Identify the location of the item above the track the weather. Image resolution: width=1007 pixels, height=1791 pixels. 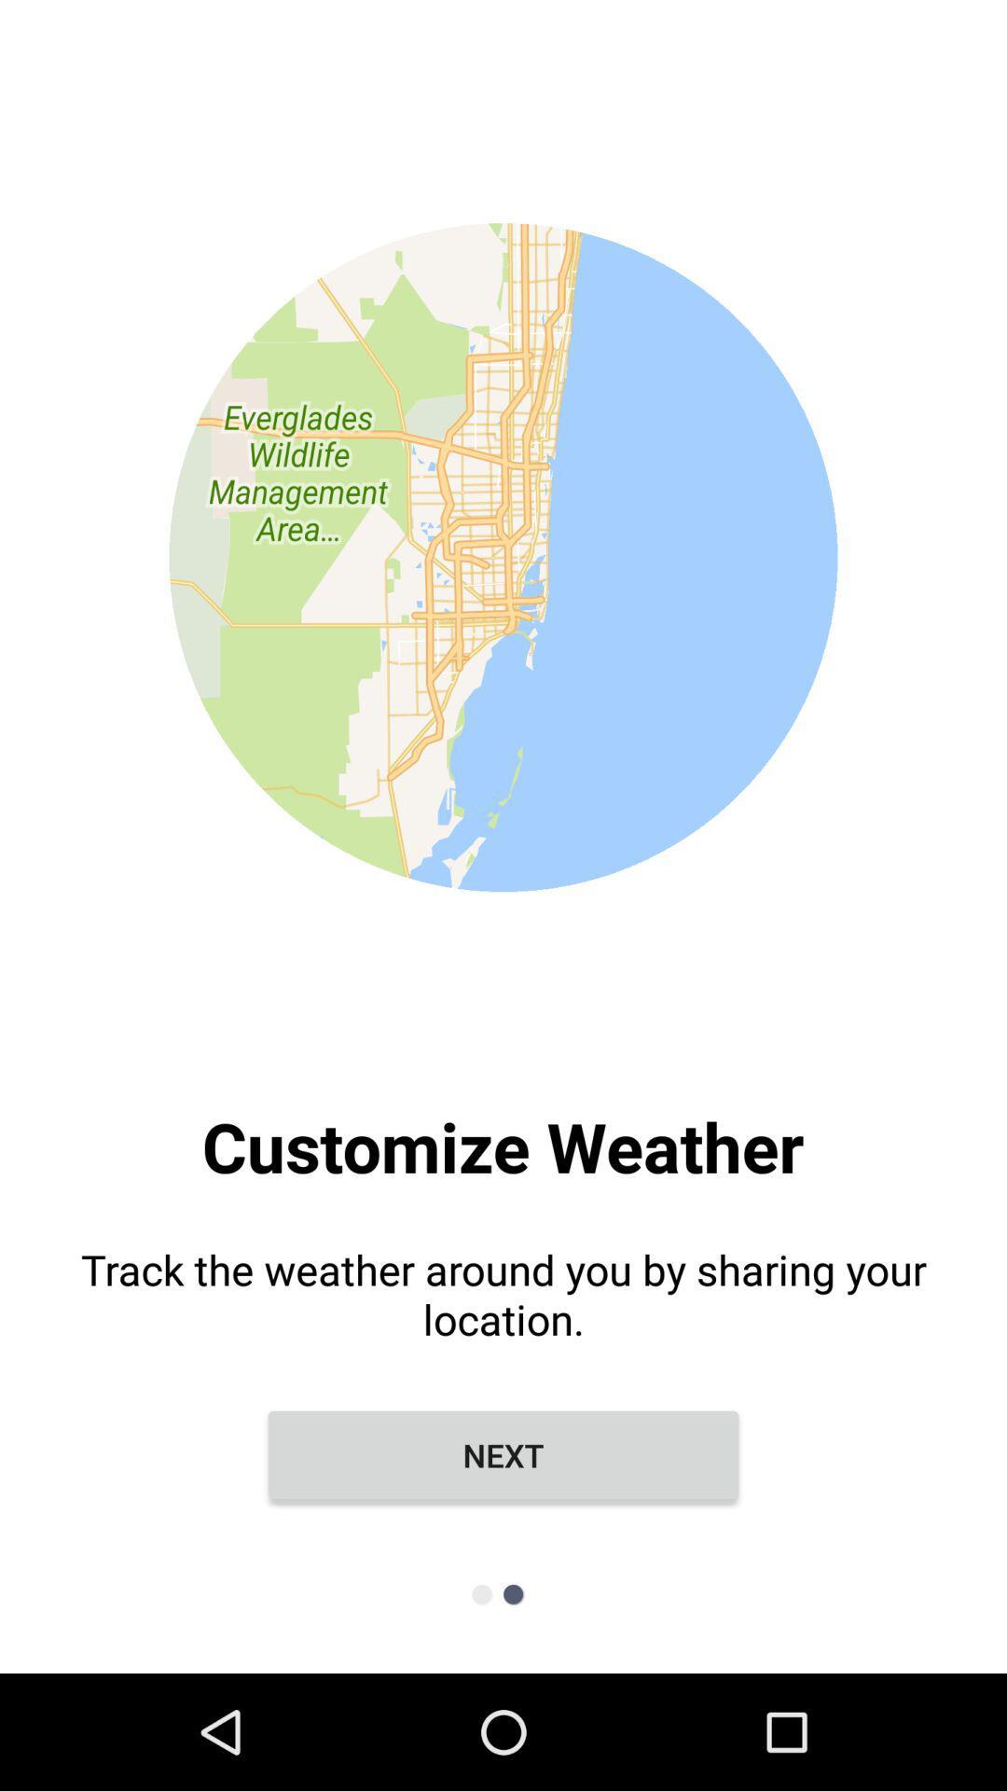
(504, 616).